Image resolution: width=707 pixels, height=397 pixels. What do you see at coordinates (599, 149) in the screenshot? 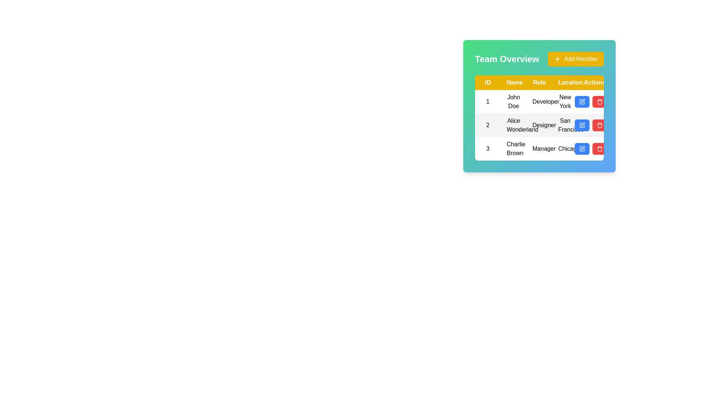
I see `the trash can icon with a red background located in the 'Actions' column of the third row in the table` at bounding box center [599, 149].